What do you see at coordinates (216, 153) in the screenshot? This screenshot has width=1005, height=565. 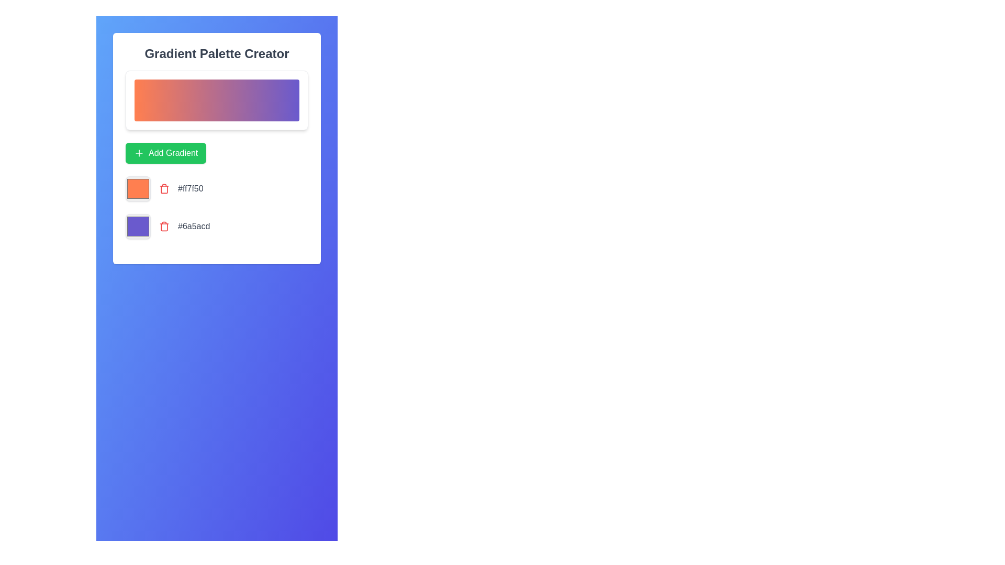 I see `the button that adds a new gradient to the gradient palette, located below the gradient preview box and above the color palette items` at bounding box center [216, 153].